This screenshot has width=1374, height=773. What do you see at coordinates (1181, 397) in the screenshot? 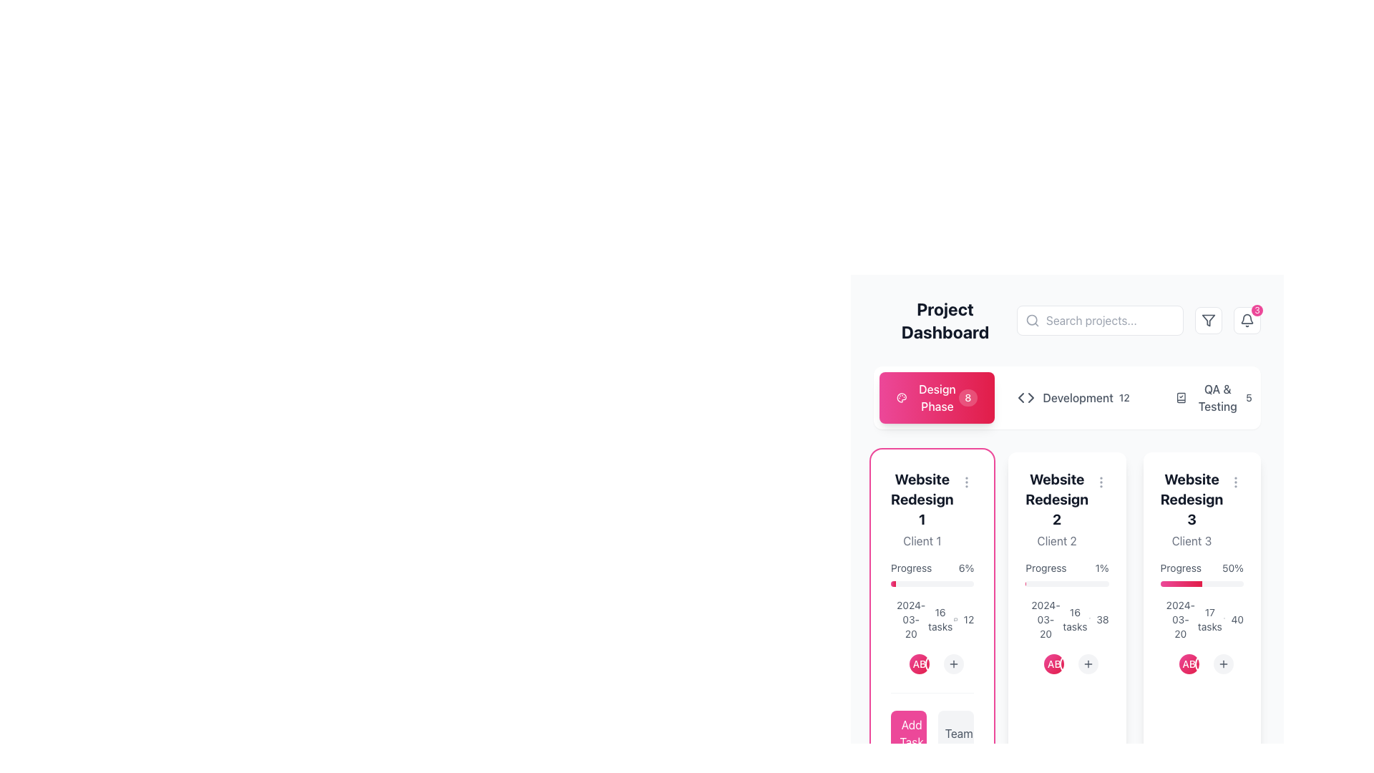
I see `the status or information related to the stylized book icon with a checkmark overlay located at the top-right corner of the dashboard interface` at bounding box center [1181, 397].